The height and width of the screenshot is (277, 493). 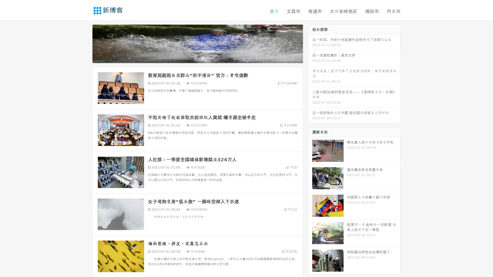 I want to click on Go to slide 1, so click(x=192, y=58).